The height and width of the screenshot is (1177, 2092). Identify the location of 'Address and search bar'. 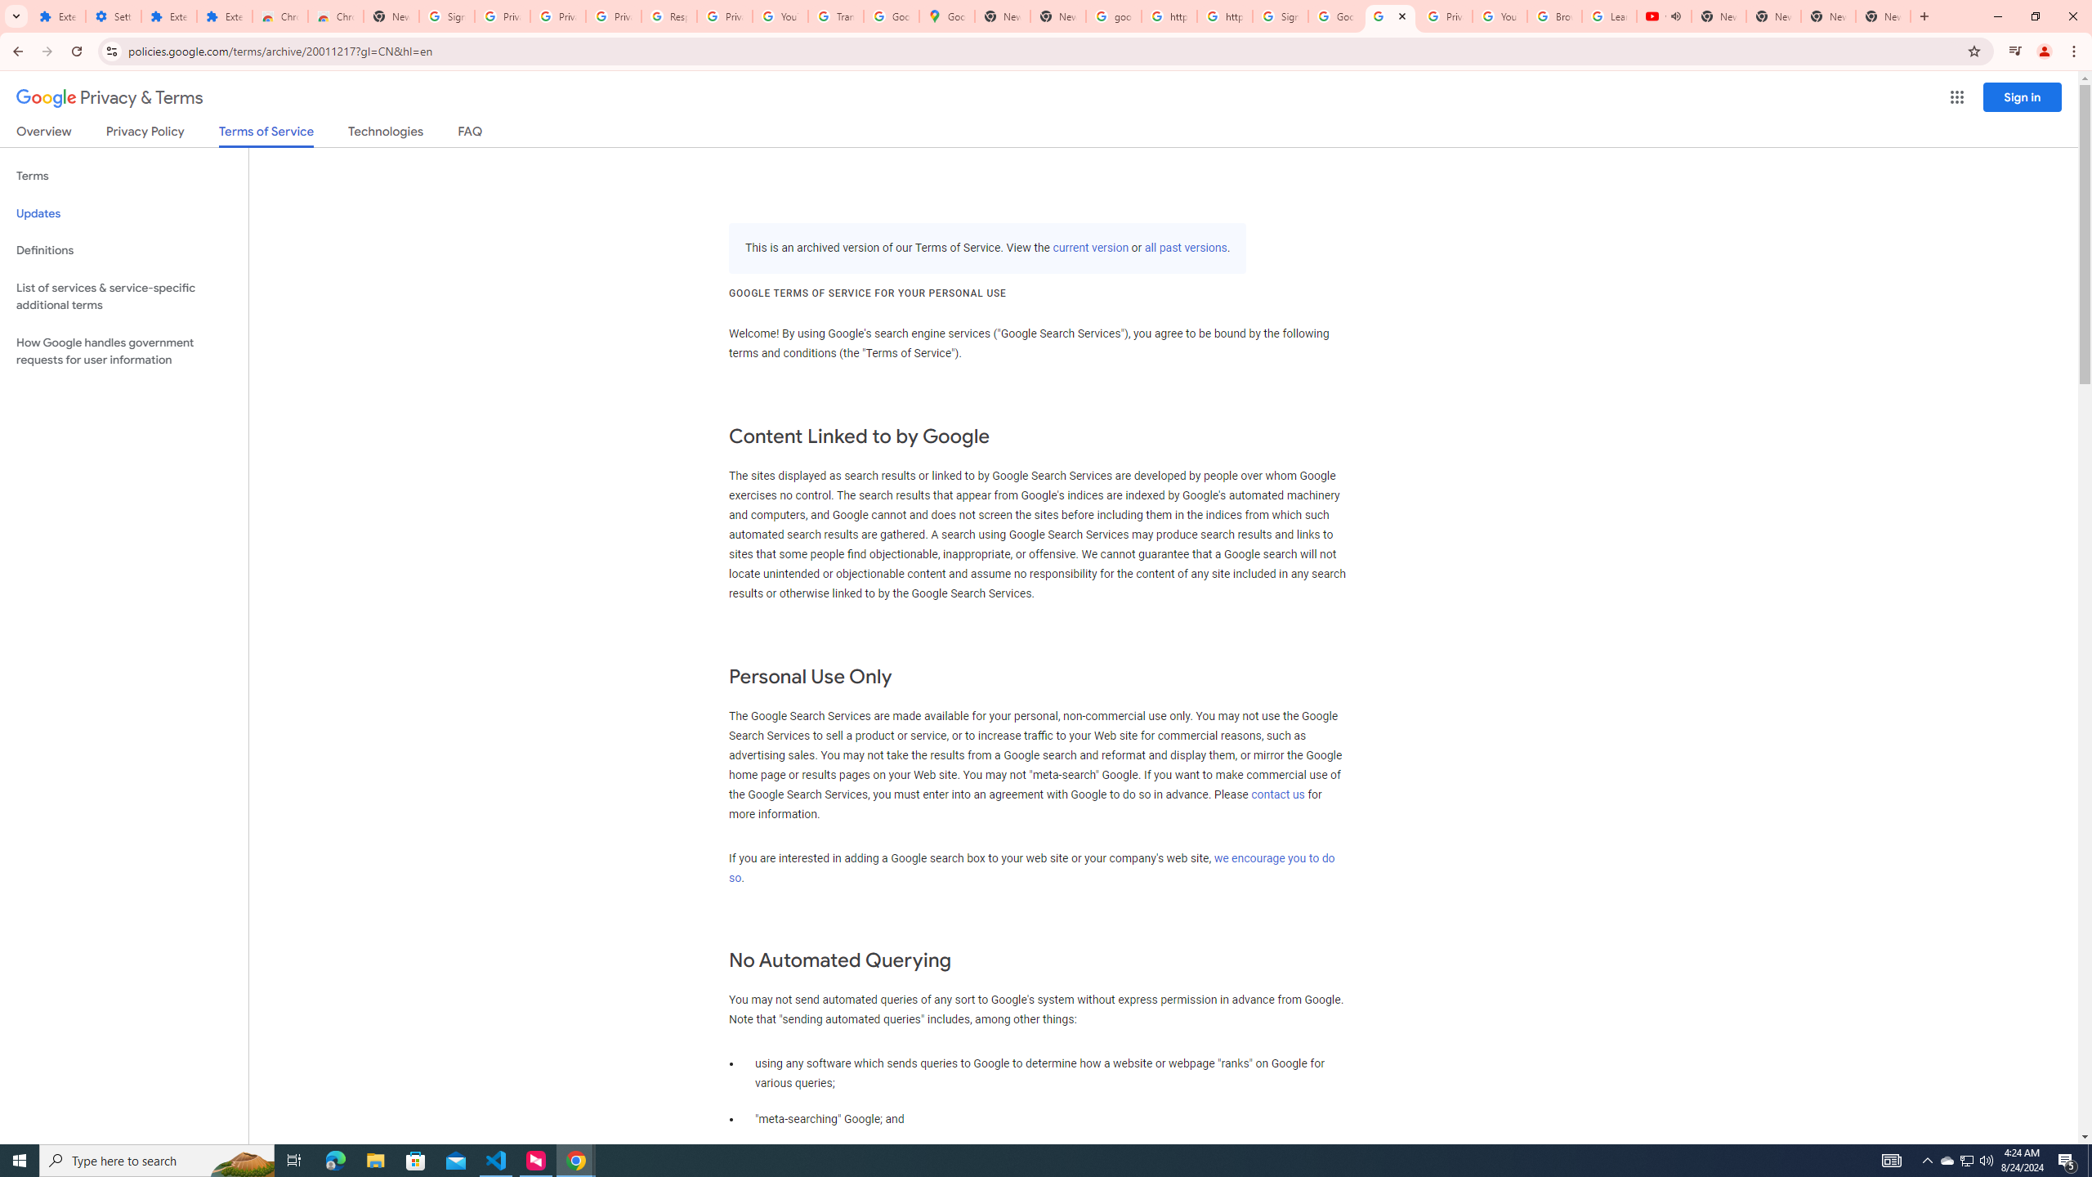
(1042, 50).